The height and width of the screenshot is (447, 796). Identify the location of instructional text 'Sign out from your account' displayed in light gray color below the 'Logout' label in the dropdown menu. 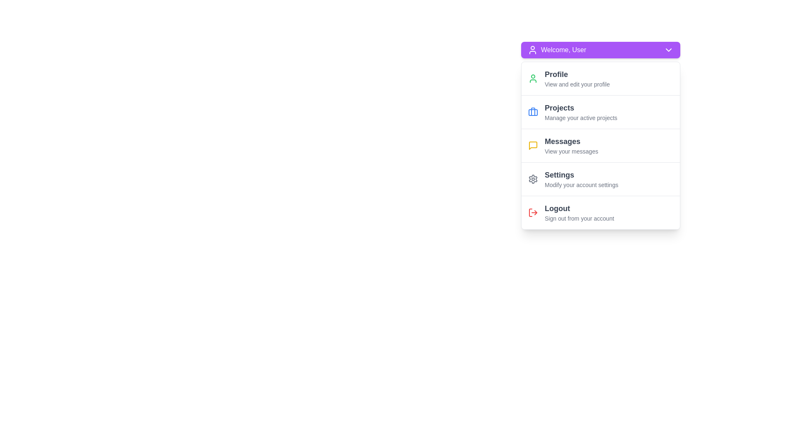
(579, 218).